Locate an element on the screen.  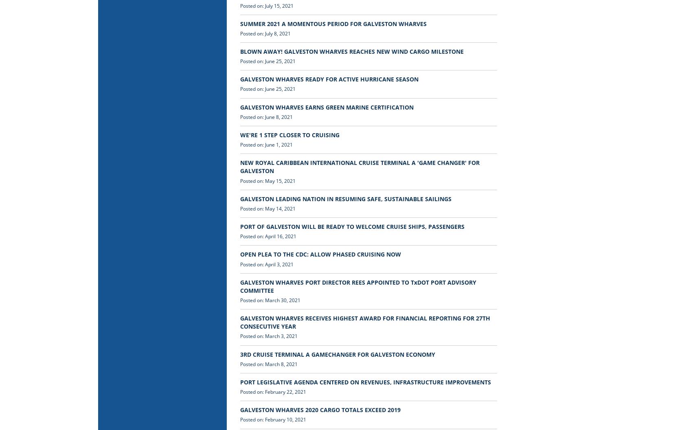
'Posted on: July 15, 2021' is located at coordinates (266, 5).